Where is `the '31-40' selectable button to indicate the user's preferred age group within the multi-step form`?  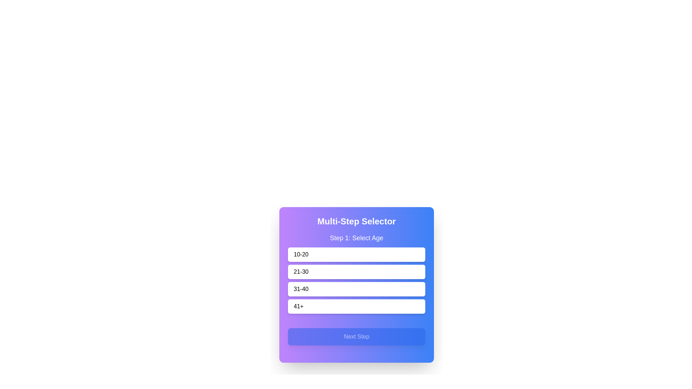 the '31-40' selectable button to indicate the user's preferred age group within the multi-step form is located at coordinates (356, 286).